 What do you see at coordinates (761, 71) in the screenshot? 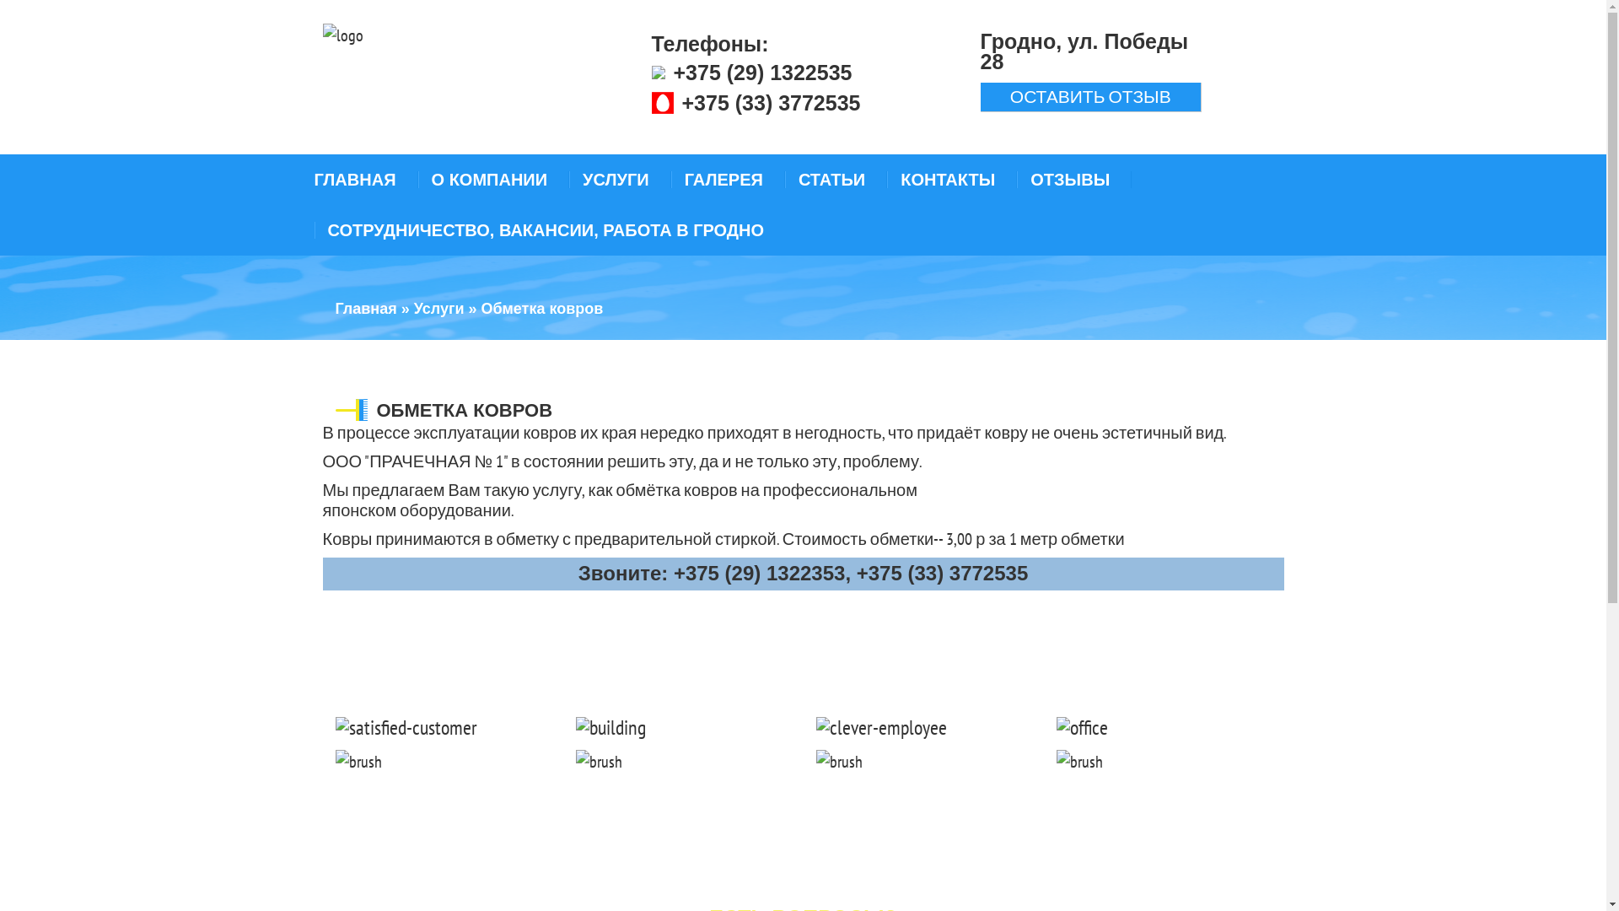
I see `'+375 (29) 1322535'` at bounding box center [761, 71].